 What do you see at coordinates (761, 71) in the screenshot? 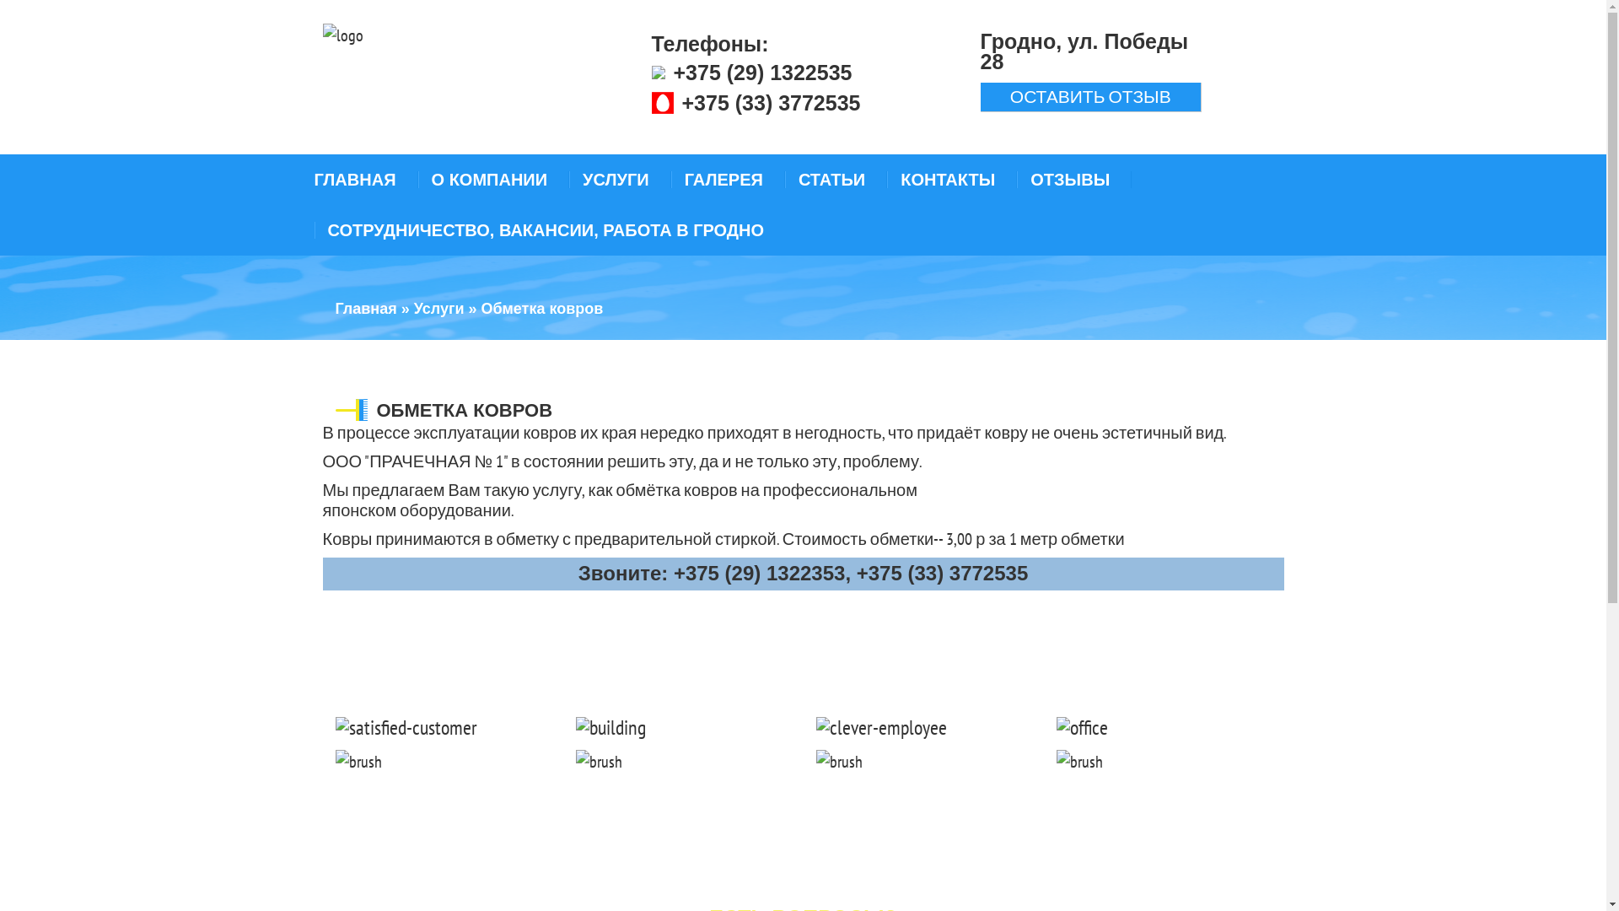
I see `'+375 (29) 1322535'` at bounding box center [761, 71].